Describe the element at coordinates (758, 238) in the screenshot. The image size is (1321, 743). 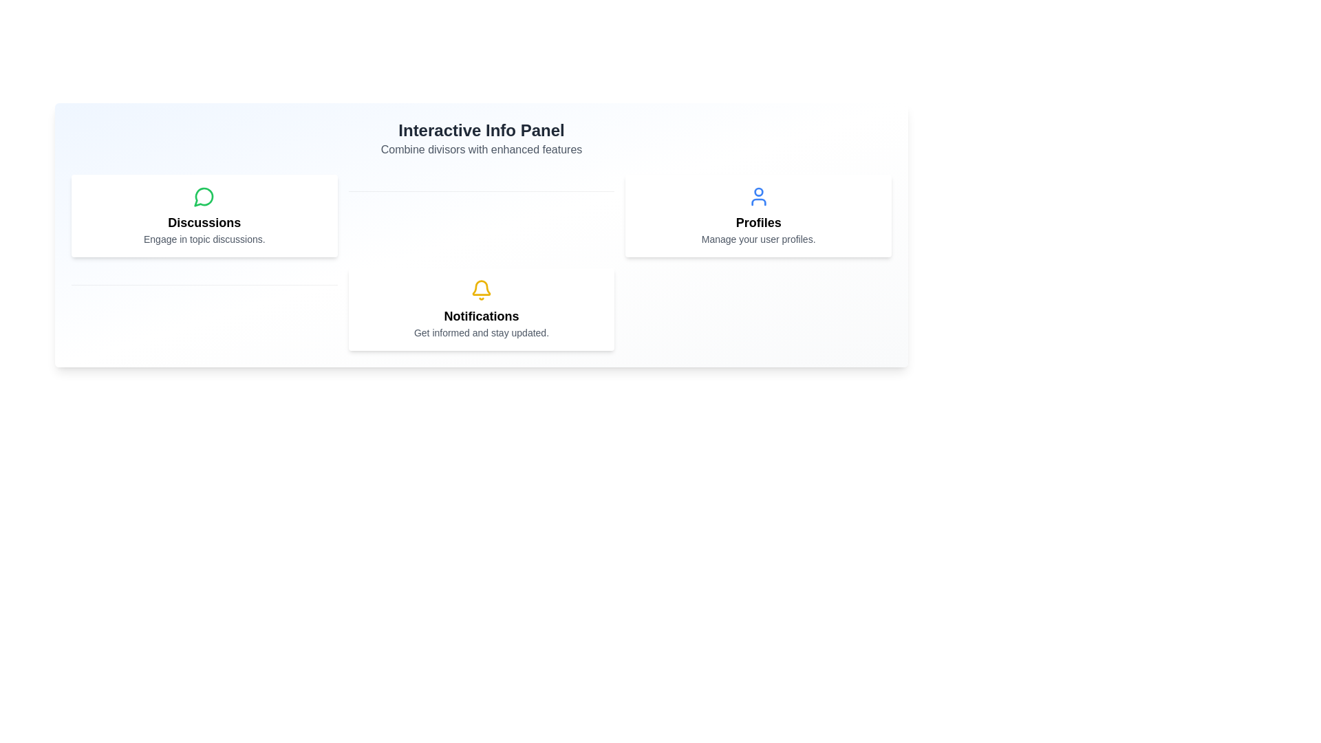
I see `the descriptive text label located within the 'Profiles' card in the top-right section of the user interface, which provides additional information about managing user profiles` at that location.